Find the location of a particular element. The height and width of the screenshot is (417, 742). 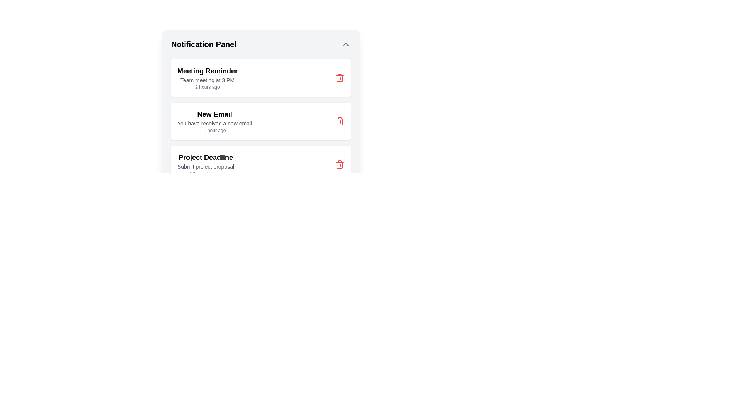

the text label displaying '30 minutes ago' located beneath 'Submit project proposal' in the 'Project Deadline' notification block is located at coordinates (206, 174).